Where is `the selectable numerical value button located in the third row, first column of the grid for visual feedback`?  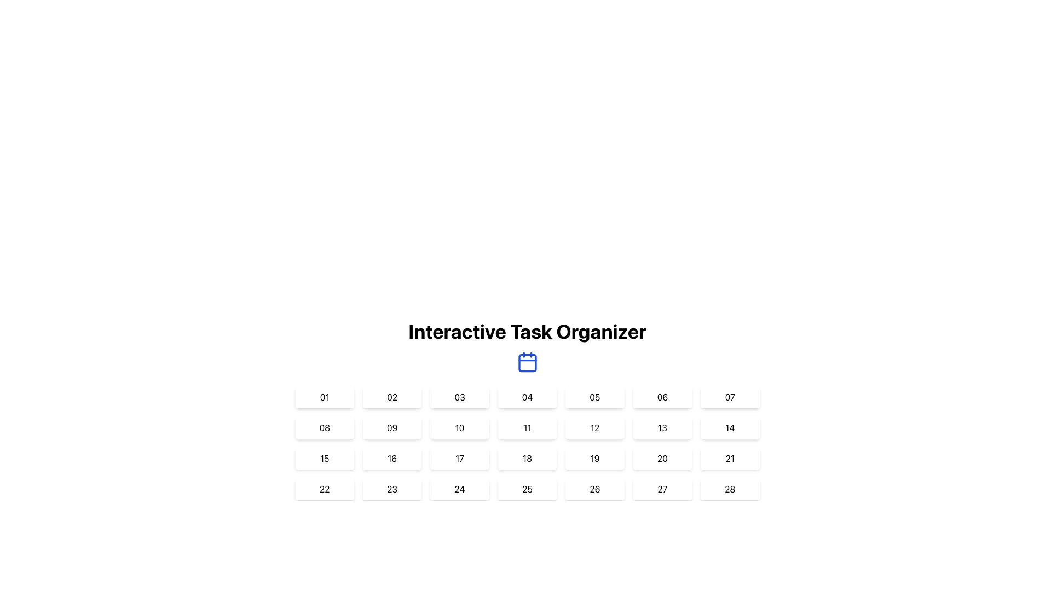
the selectable numerical value button located in the third row, first column of the grid for visual feedback is located at coordinates (324, 458).